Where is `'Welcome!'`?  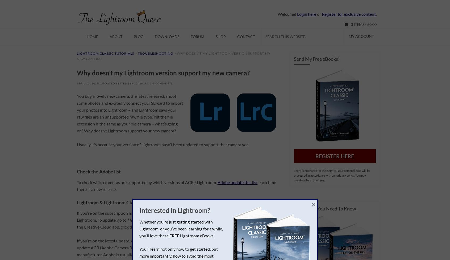 'Welcome!' is located at coordinates (287, 14).